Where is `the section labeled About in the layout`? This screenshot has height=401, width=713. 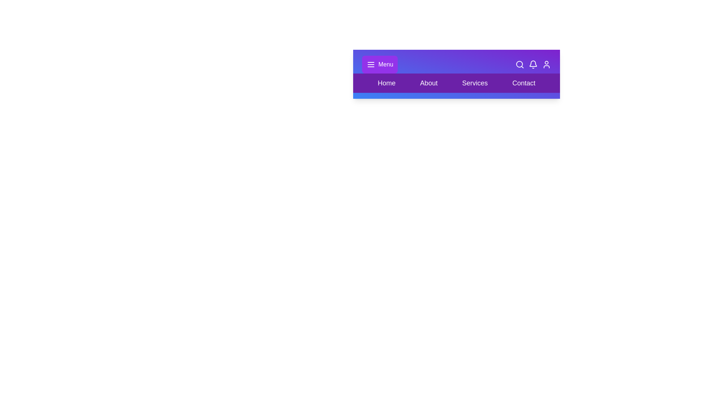 the section labeled About in the layout is located at coordinates (428, 83).